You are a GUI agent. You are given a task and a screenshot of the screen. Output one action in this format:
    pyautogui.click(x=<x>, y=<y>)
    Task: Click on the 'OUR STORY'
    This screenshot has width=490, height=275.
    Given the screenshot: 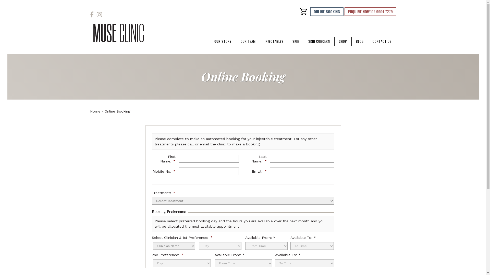 What is the action you would take?
    pyautogui.click(x=223, y=41)
    